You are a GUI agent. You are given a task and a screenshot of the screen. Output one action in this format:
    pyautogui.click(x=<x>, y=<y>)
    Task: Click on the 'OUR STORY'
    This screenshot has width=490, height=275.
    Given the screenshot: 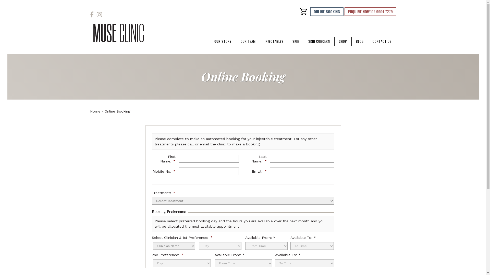 What is the action you would take?
    pyautogui.click(x=223, y=41)
    